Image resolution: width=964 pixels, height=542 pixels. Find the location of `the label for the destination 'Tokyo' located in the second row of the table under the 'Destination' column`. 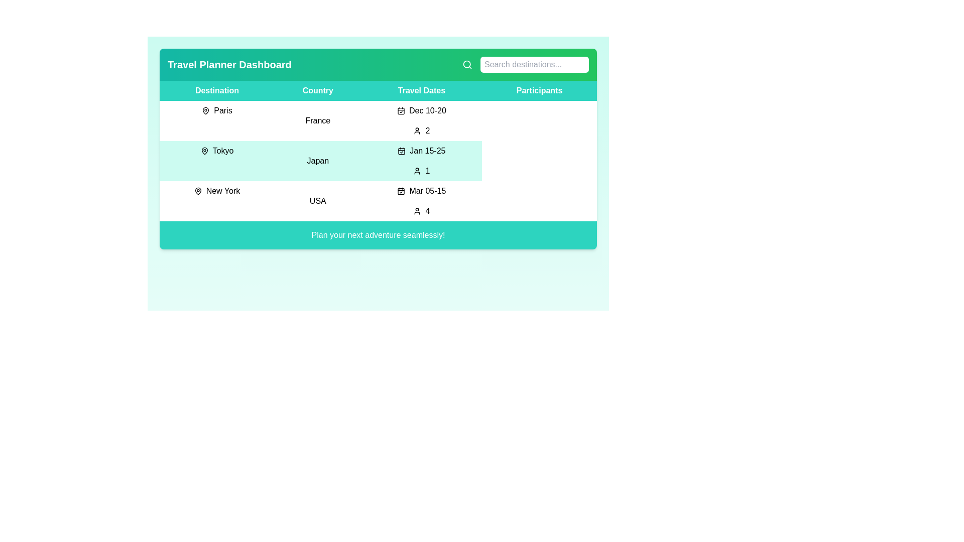

the label for the destination 'Tokyo' located in the second row of the table under the 'Destination' column is located at coordinates (216, 151).